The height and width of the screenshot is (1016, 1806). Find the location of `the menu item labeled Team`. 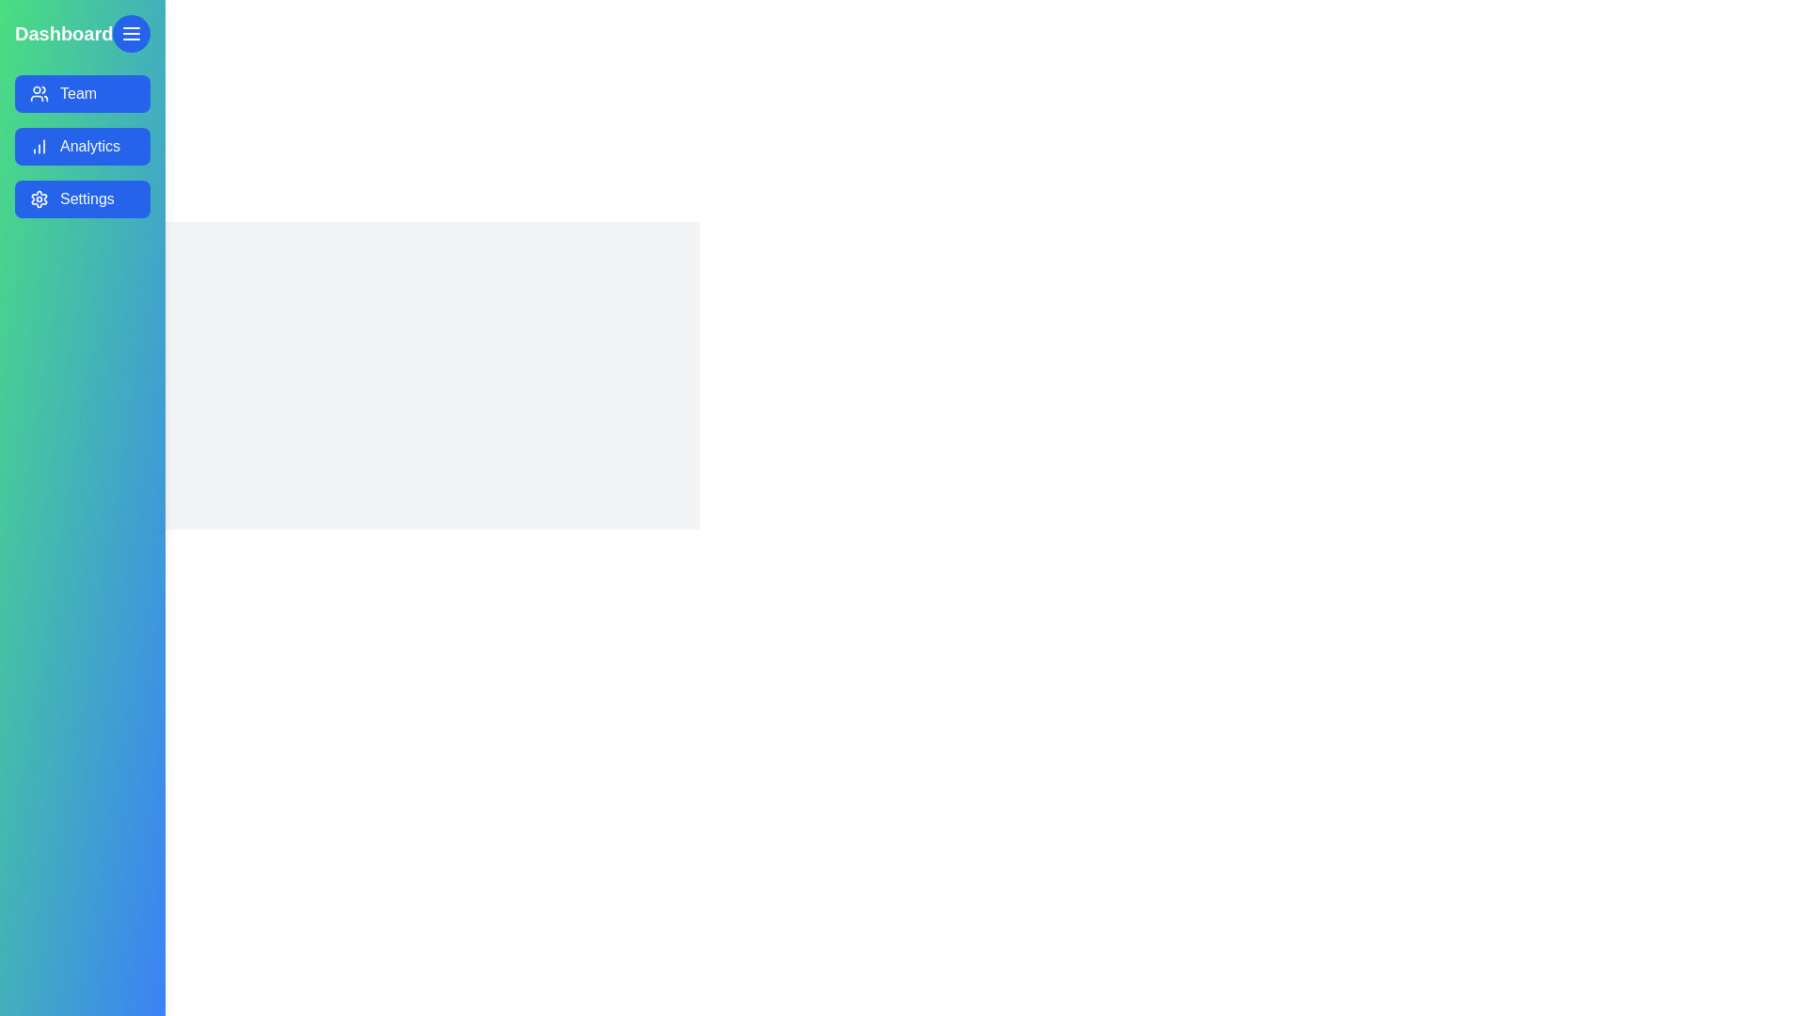

the menu item labeled Team is located at coordinates (82, 94).